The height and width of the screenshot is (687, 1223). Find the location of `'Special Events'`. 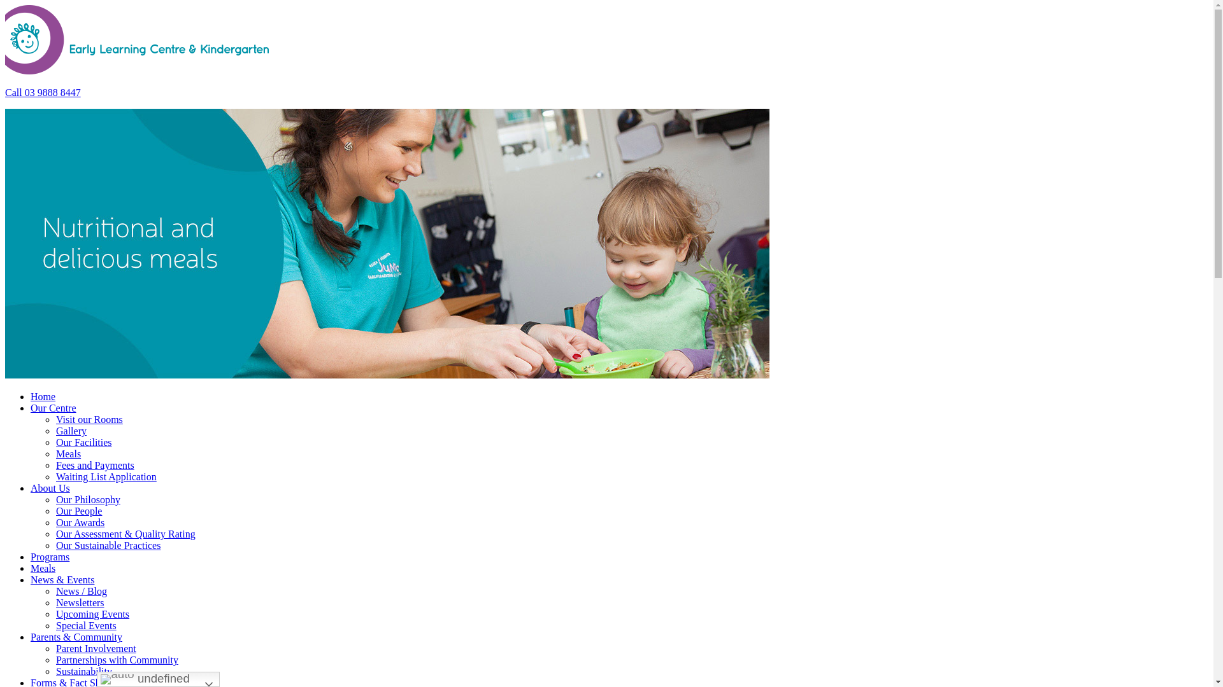

'Special Events' is located at coordinates (55, 625).